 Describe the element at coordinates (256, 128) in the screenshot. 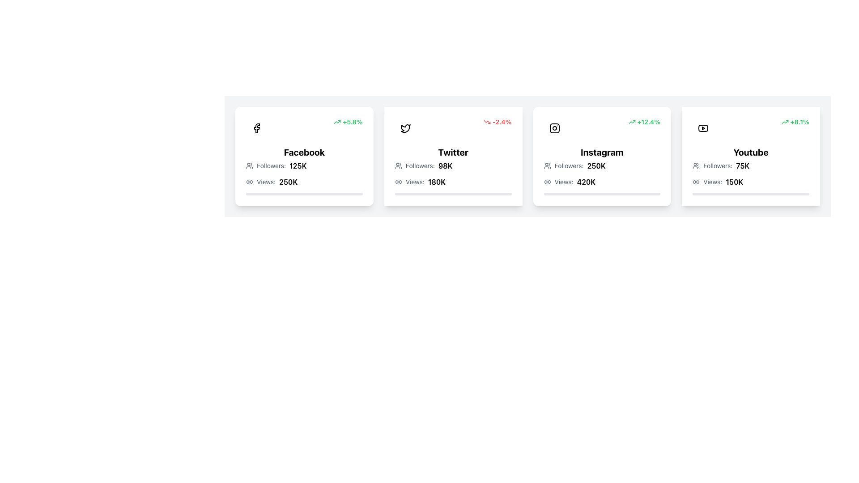

I see `the Facebook logo located in the top-left corner of the card titled 'Facebook', which visually identifies the card as associated with the Facebook platform` at that location.